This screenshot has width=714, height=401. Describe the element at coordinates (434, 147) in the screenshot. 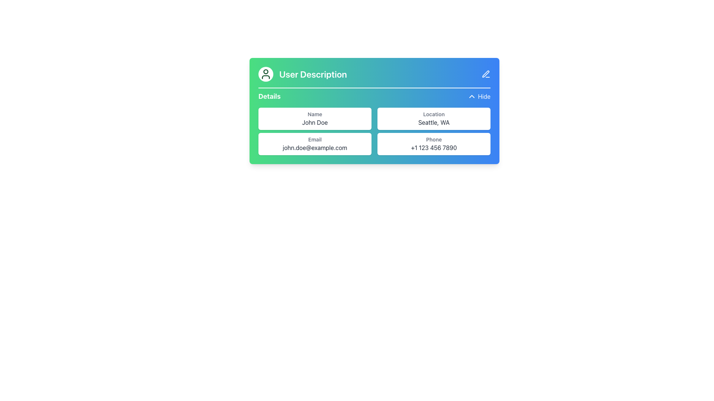

I see `the static text displaying the phone number located in the 'Details' section of the card, aligned under the 'Phone' label` at that location.